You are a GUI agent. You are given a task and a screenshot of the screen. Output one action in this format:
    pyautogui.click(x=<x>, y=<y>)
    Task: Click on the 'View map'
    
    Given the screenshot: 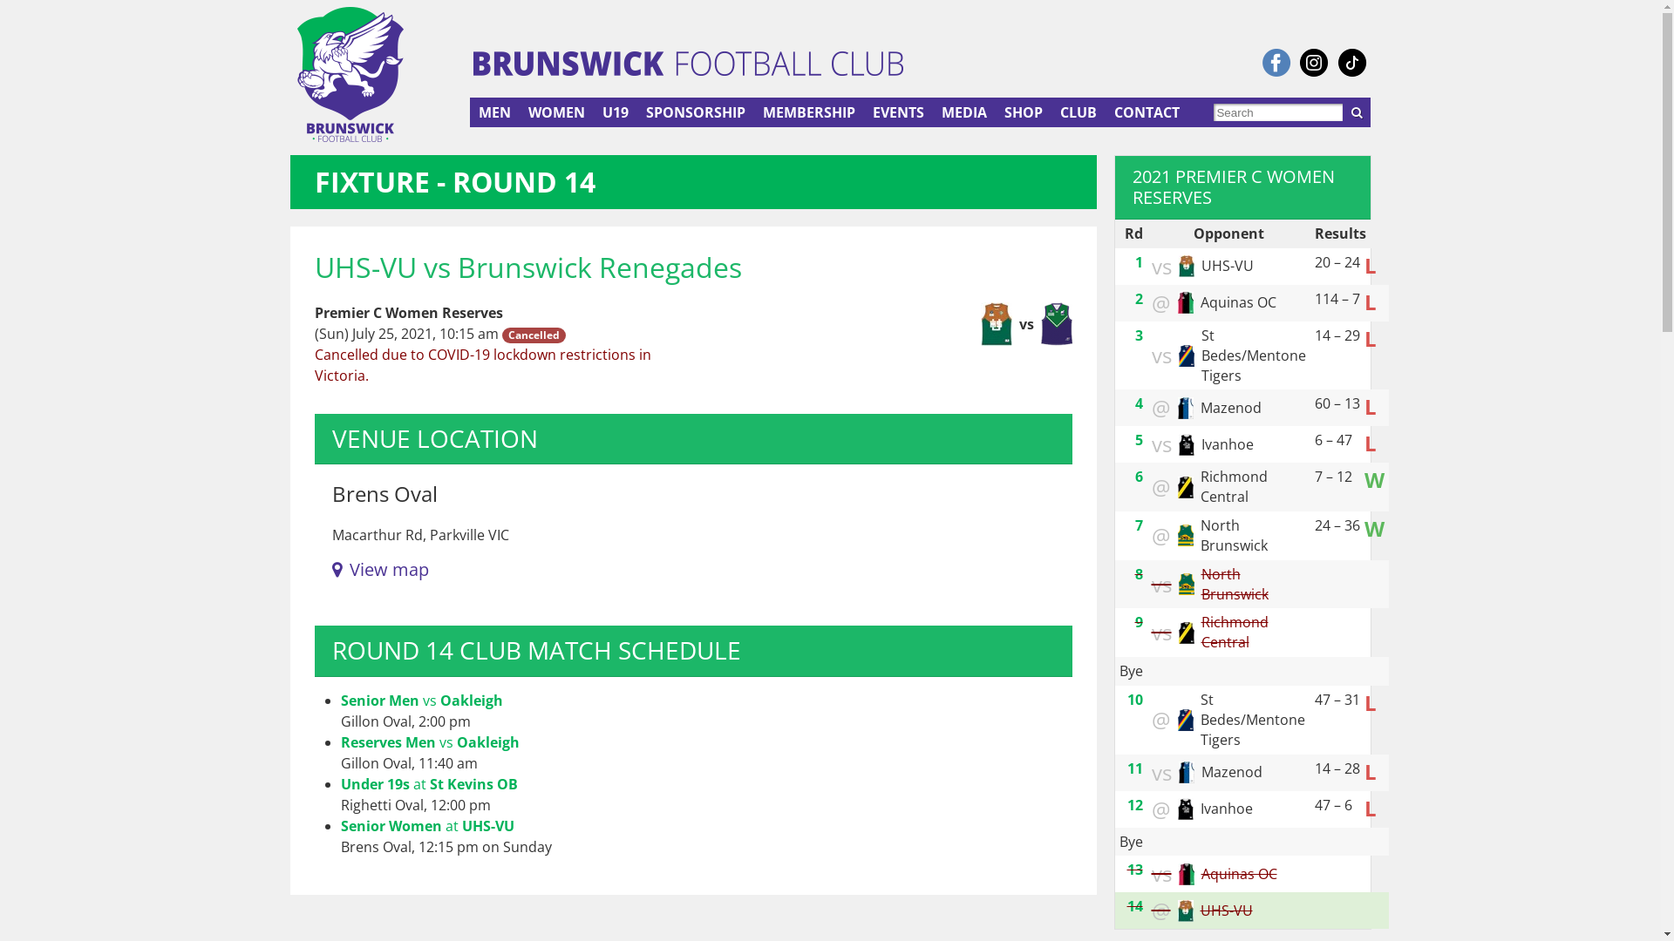 What is the action you would take?
    pyautogui.click(x=378, y=569)
    